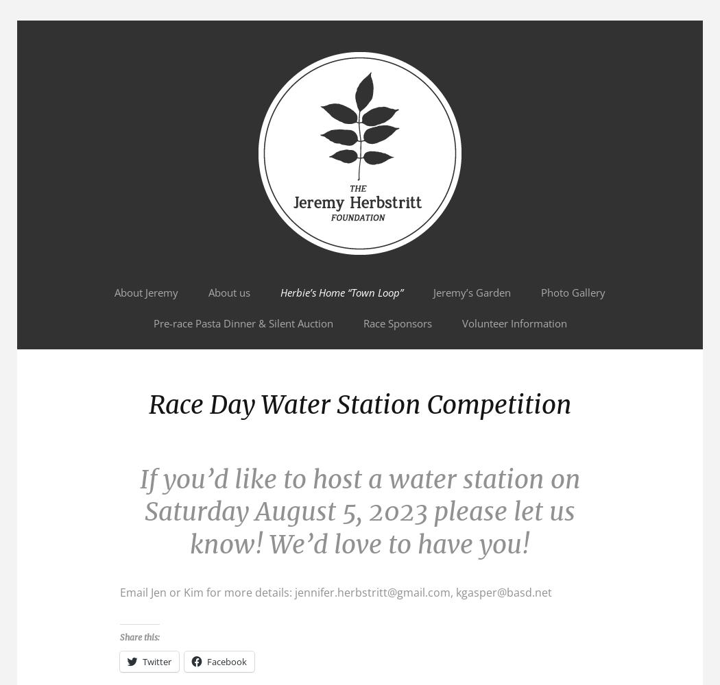  Describe the element at coordinates (139, 637) in the screenshot. I see `'Share this:'` at that location.